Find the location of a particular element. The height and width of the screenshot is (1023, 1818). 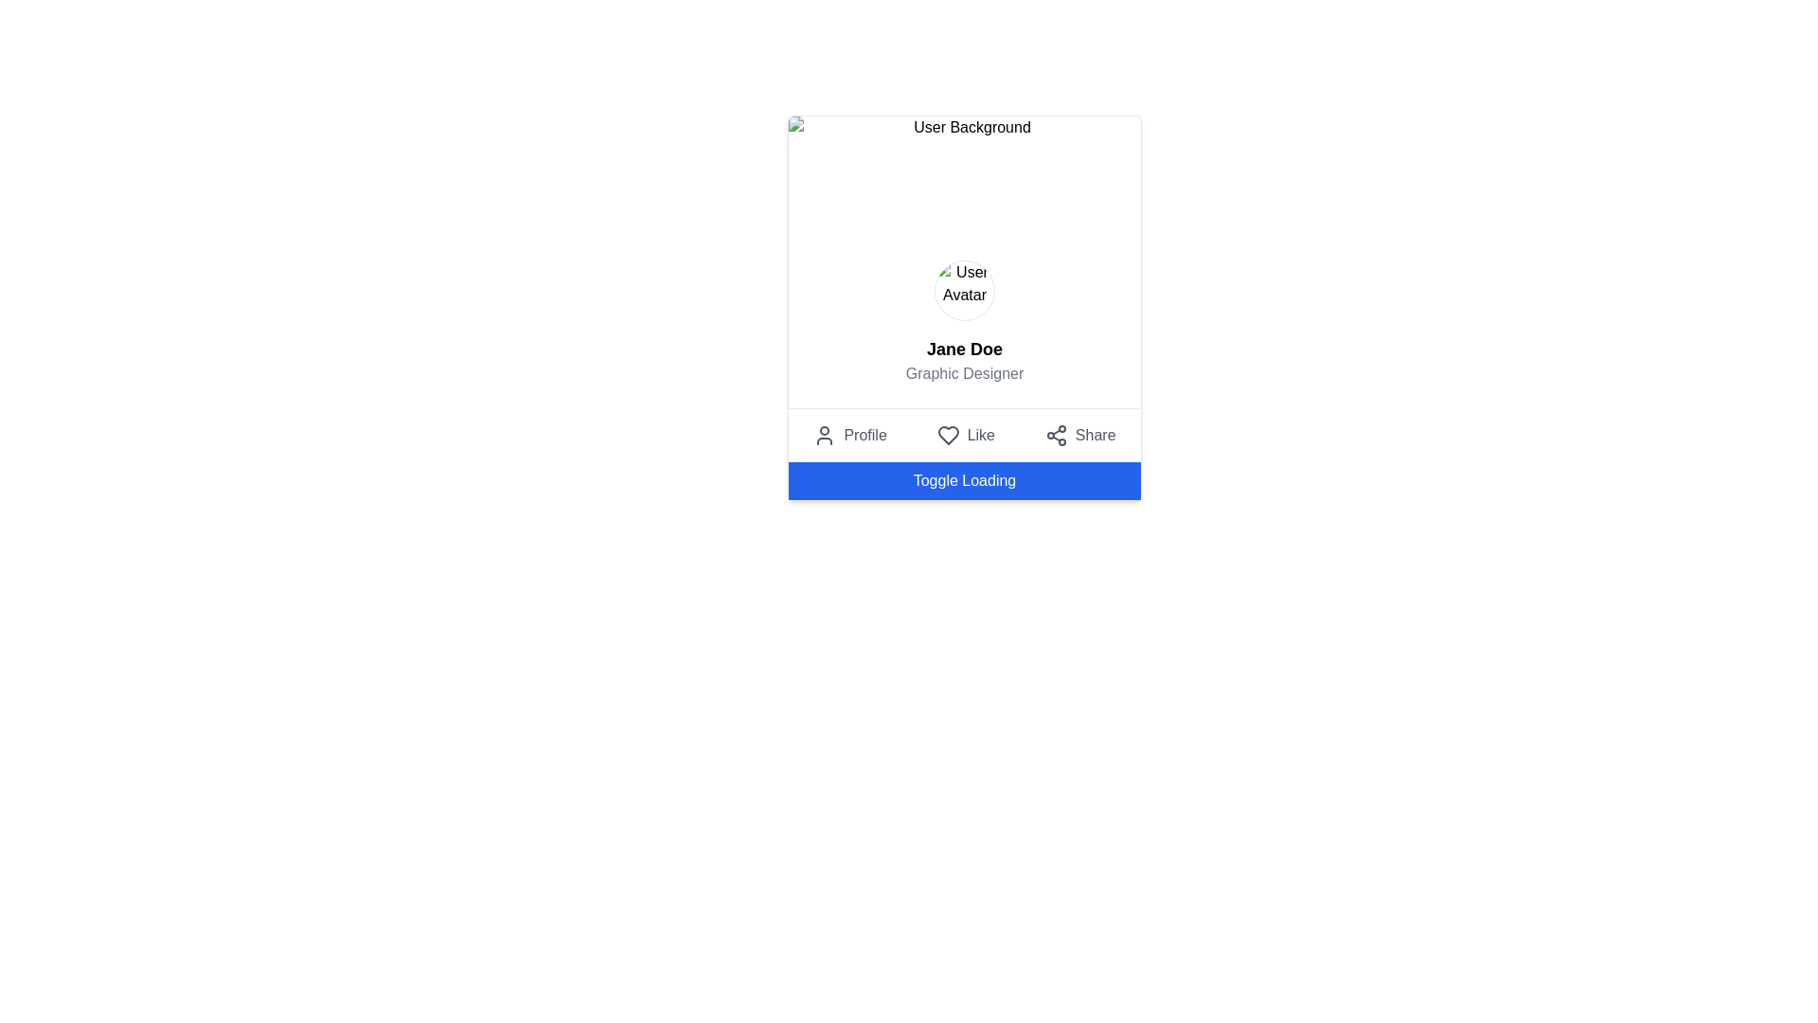

the 'Profile' button, which features a user profile icon and is the leftmost element in a horizontal group of options including 'Profile', 'Like', and 'Share' is located at coordinates (849, 435).